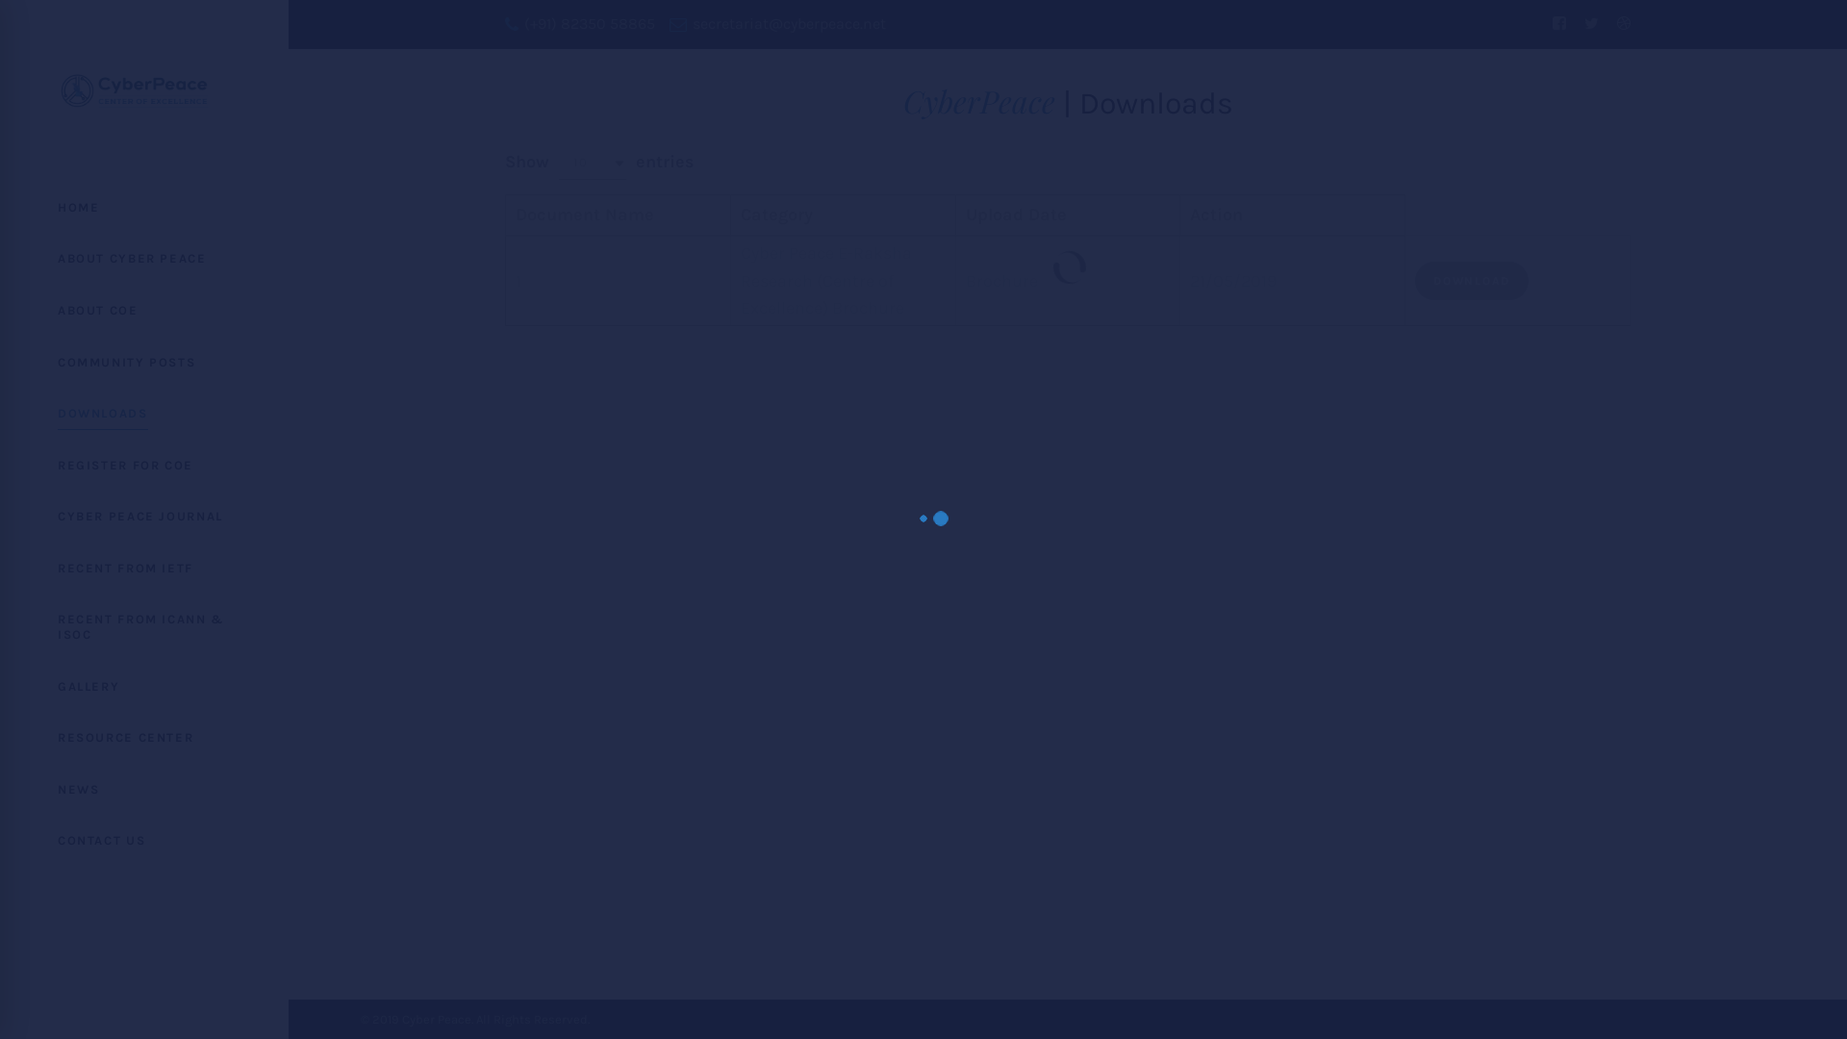 This screenshot has height=1039, width=1847. Describe the element at coordinates (142, 465) in the screenshot. I see `'REGISTER FOR COE'` at that location.